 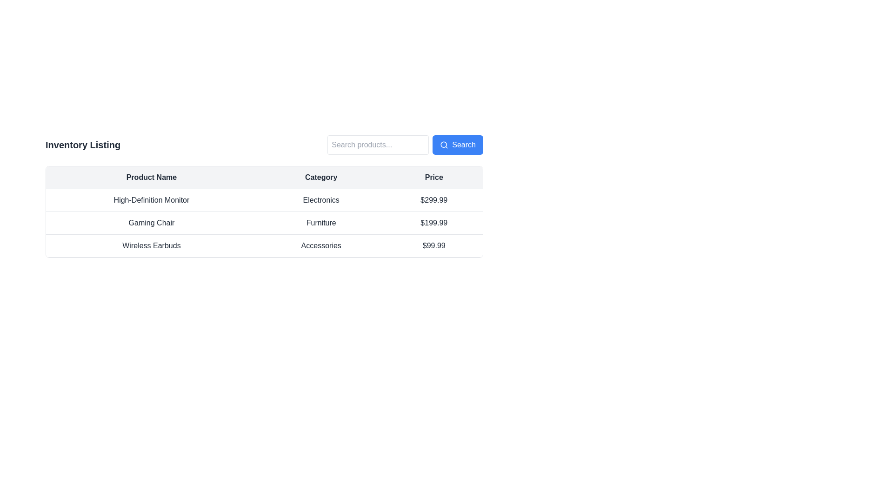 I want to click on the second row of the product table, which contains details about 'Gaming Chair', so click(x=264, y=211).